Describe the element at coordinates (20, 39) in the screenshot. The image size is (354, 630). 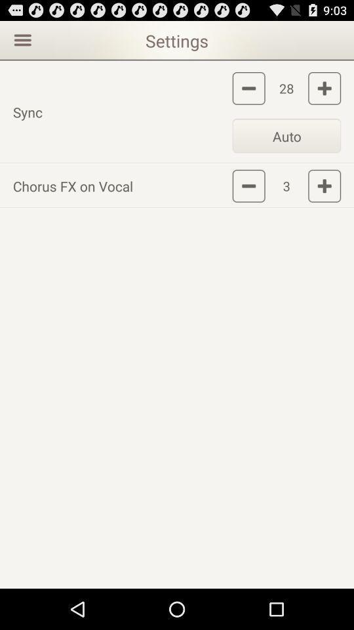
I see `app to the left of the settings item` at that location.